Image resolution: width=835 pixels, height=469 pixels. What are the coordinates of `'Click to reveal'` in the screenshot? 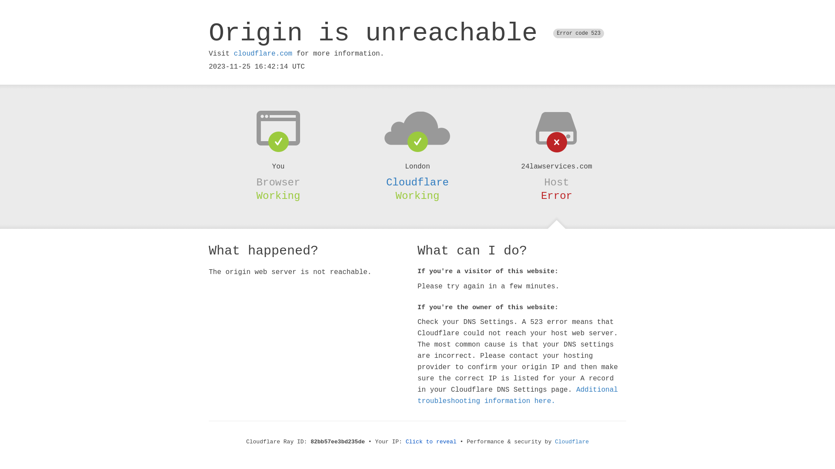 It's located at (405, 442).